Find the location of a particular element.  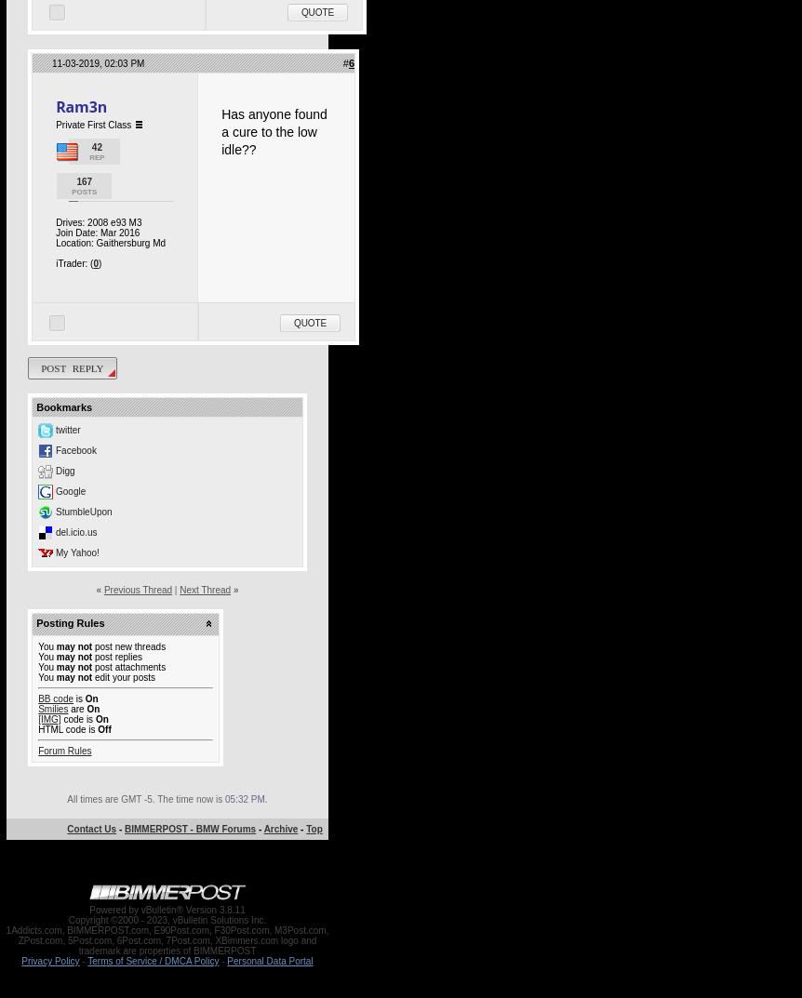

'05:32 PM' is located at coordinates (243, 798).